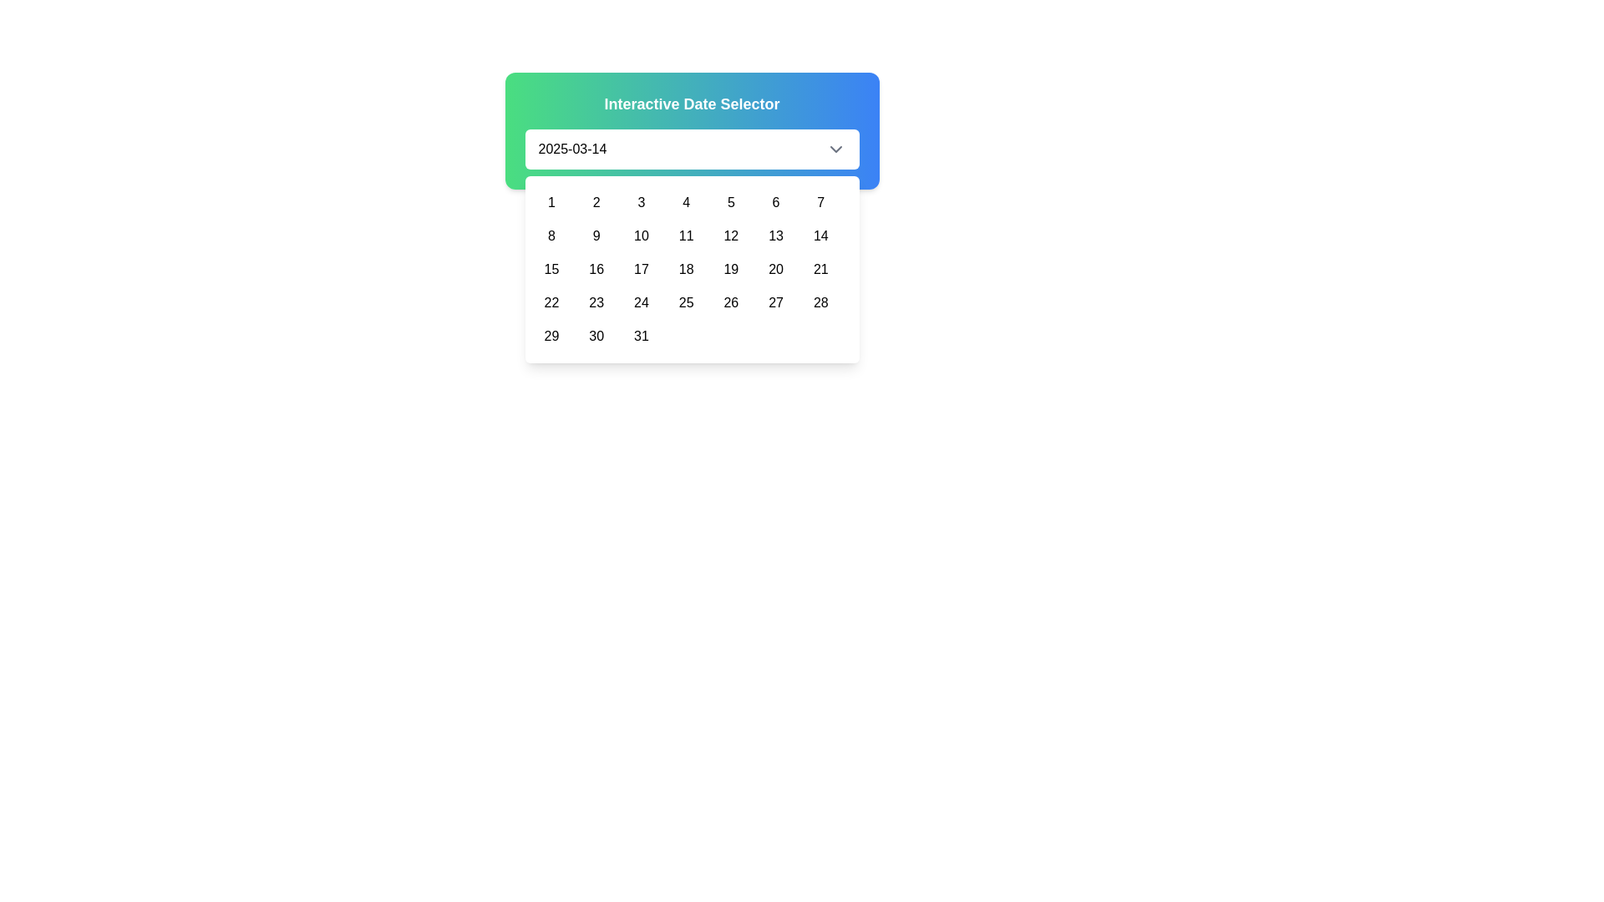 This screenshot has width=1604, height=902. I want to click on the small gray downward arrow icon (chevron), so click(835, 148).